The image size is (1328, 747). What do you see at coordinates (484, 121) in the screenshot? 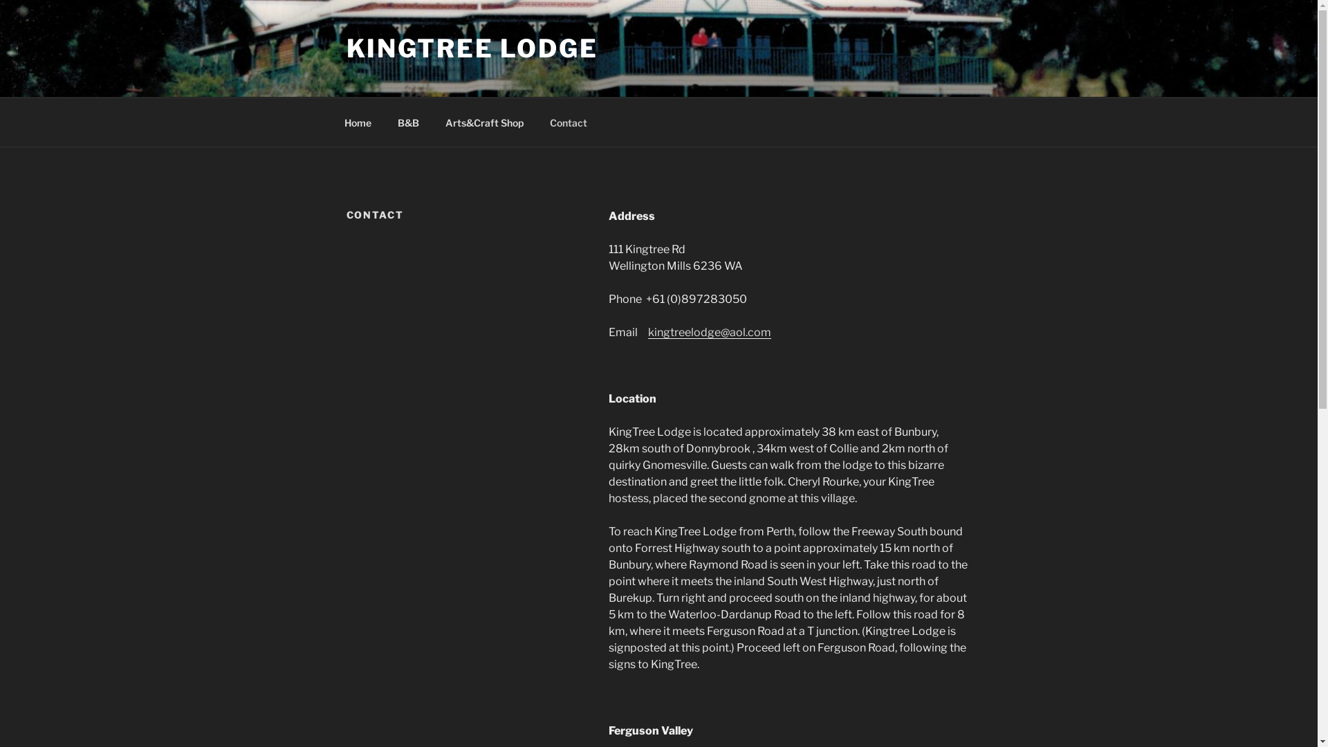
I see `'Arts&Craft Shop'` at bounding box center [484, 121].